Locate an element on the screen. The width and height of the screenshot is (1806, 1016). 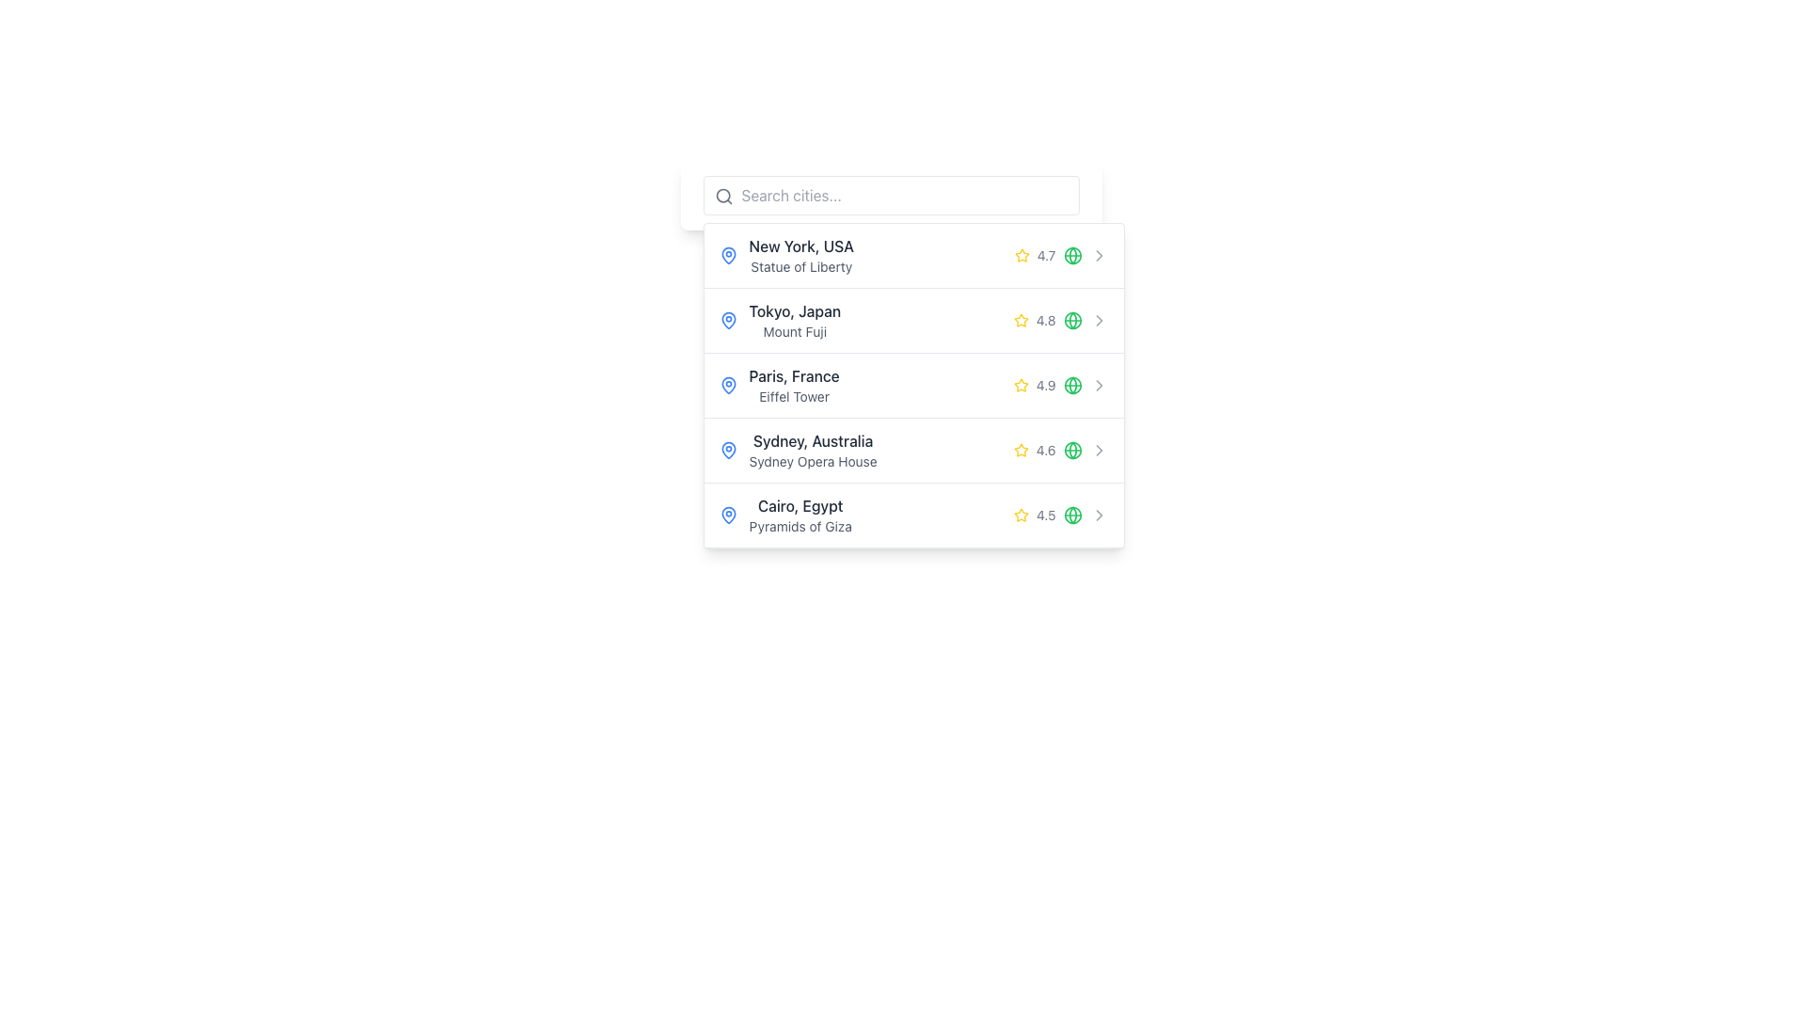
the numerical rating text label located in the top row of the vertically aligned list, positioned between the yellow star icon and the green globe icon is located at coordinates (1045, 256).